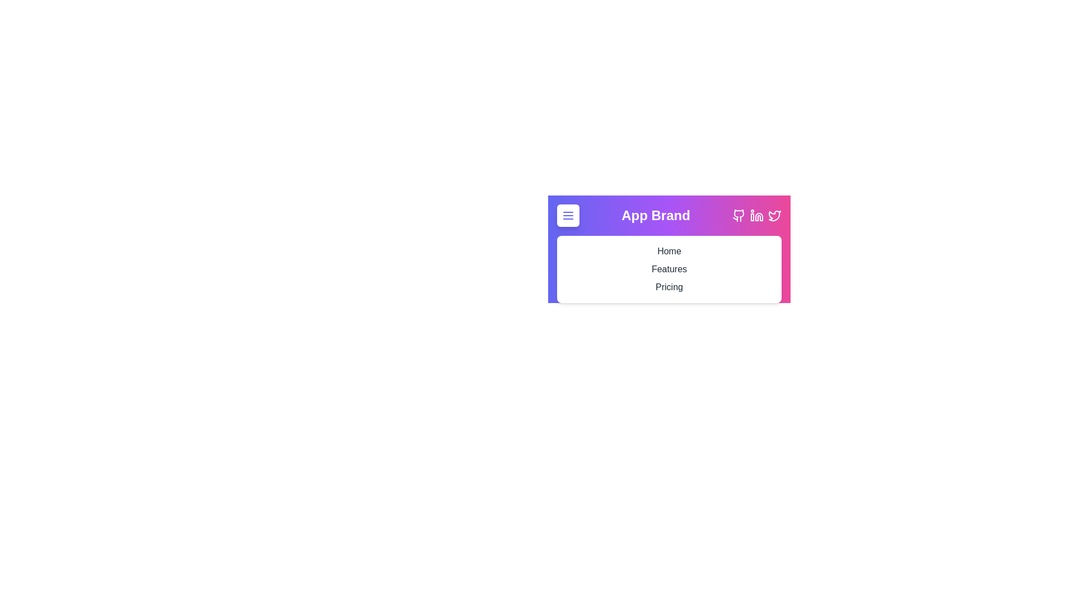 Image resolution: width=1075 pixels, height=605 pixels. Describe the element at coordinates (568, 216) in the screenshot. I see `the menu button to toggle the menu visibility` at that location.